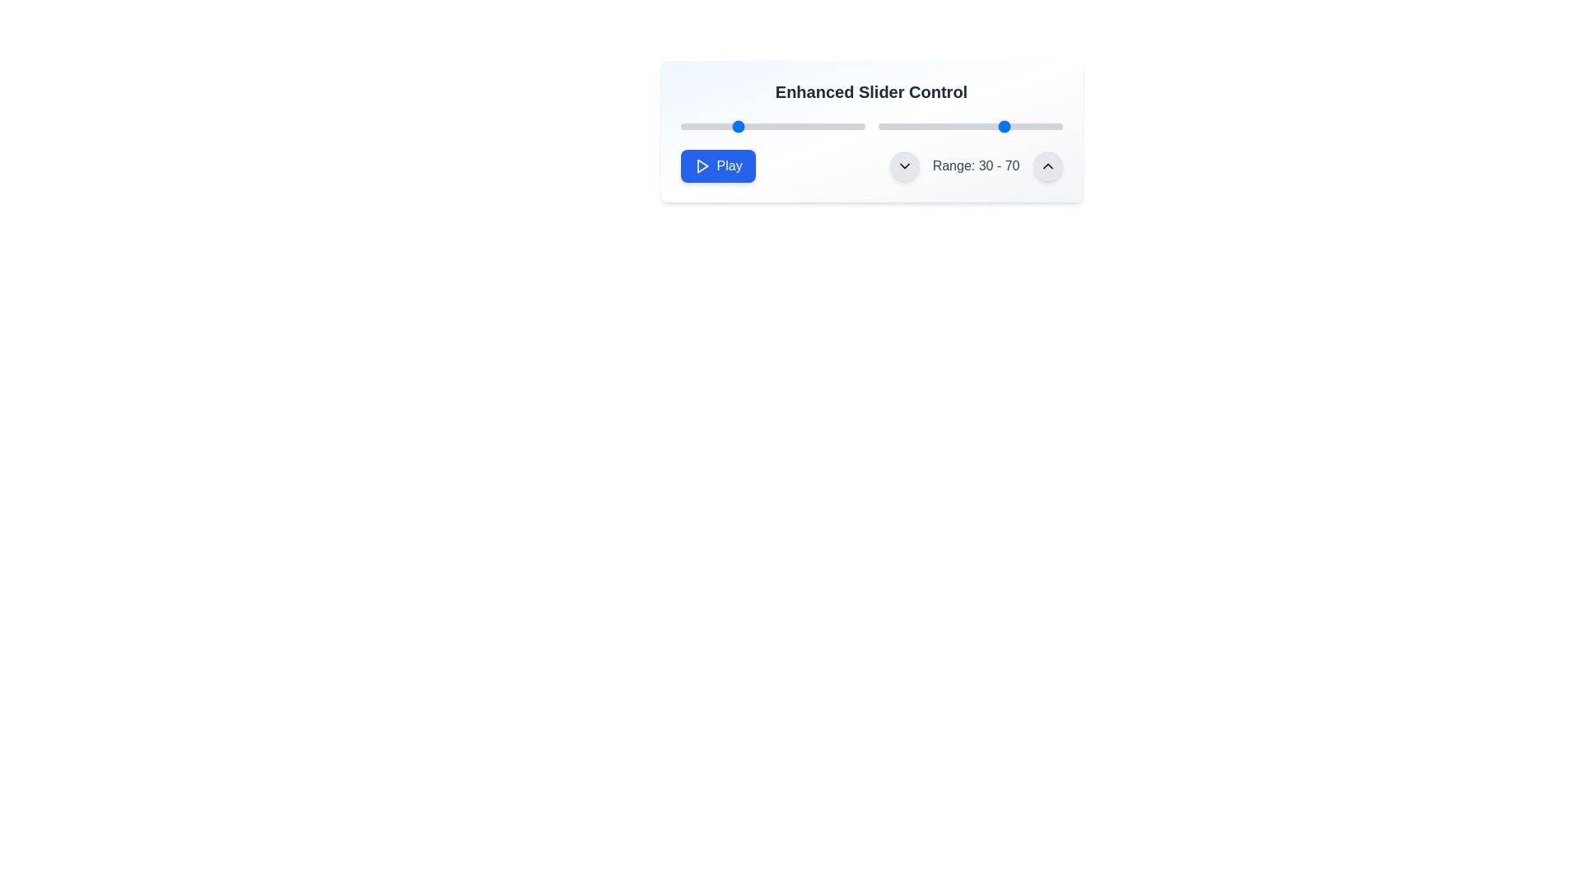  I want to click on the slider value, so click(914, 126).